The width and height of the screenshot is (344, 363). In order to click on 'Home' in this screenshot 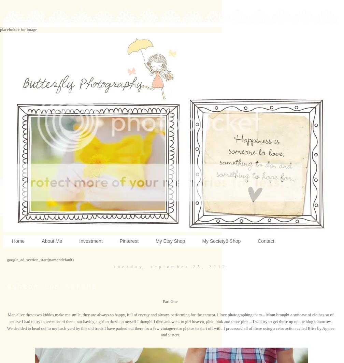, I will do `click(18, 241)`.